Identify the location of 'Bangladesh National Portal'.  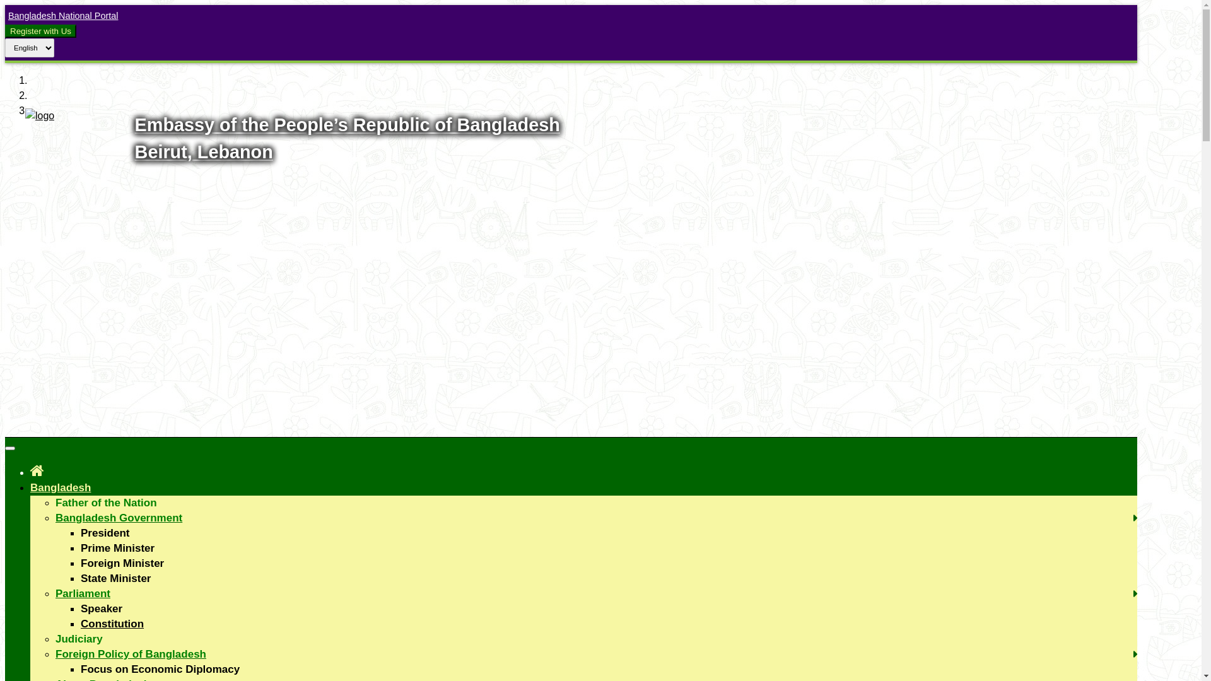
(61, 15).